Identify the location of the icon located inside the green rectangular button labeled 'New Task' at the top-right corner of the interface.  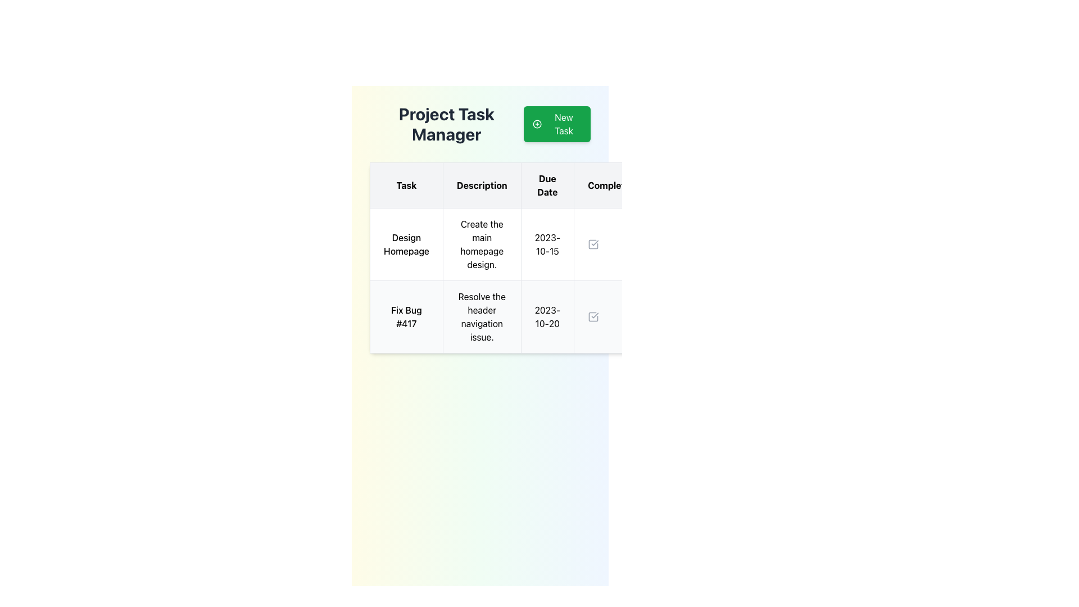
(536, 124).